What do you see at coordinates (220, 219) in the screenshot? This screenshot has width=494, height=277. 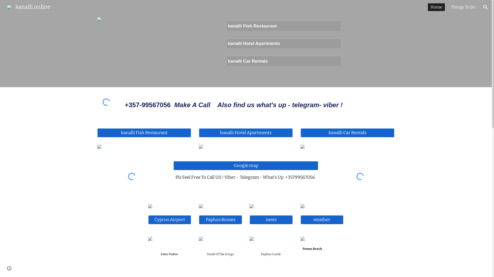 I see `'Paphos Busses'` at bounding box center [220, 219].